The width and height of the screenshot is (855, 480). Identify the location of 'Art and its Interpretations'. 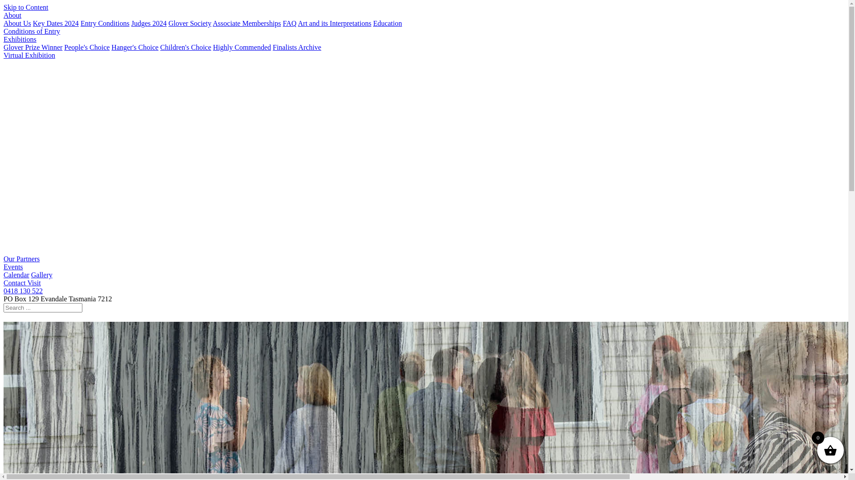
(297, 23).